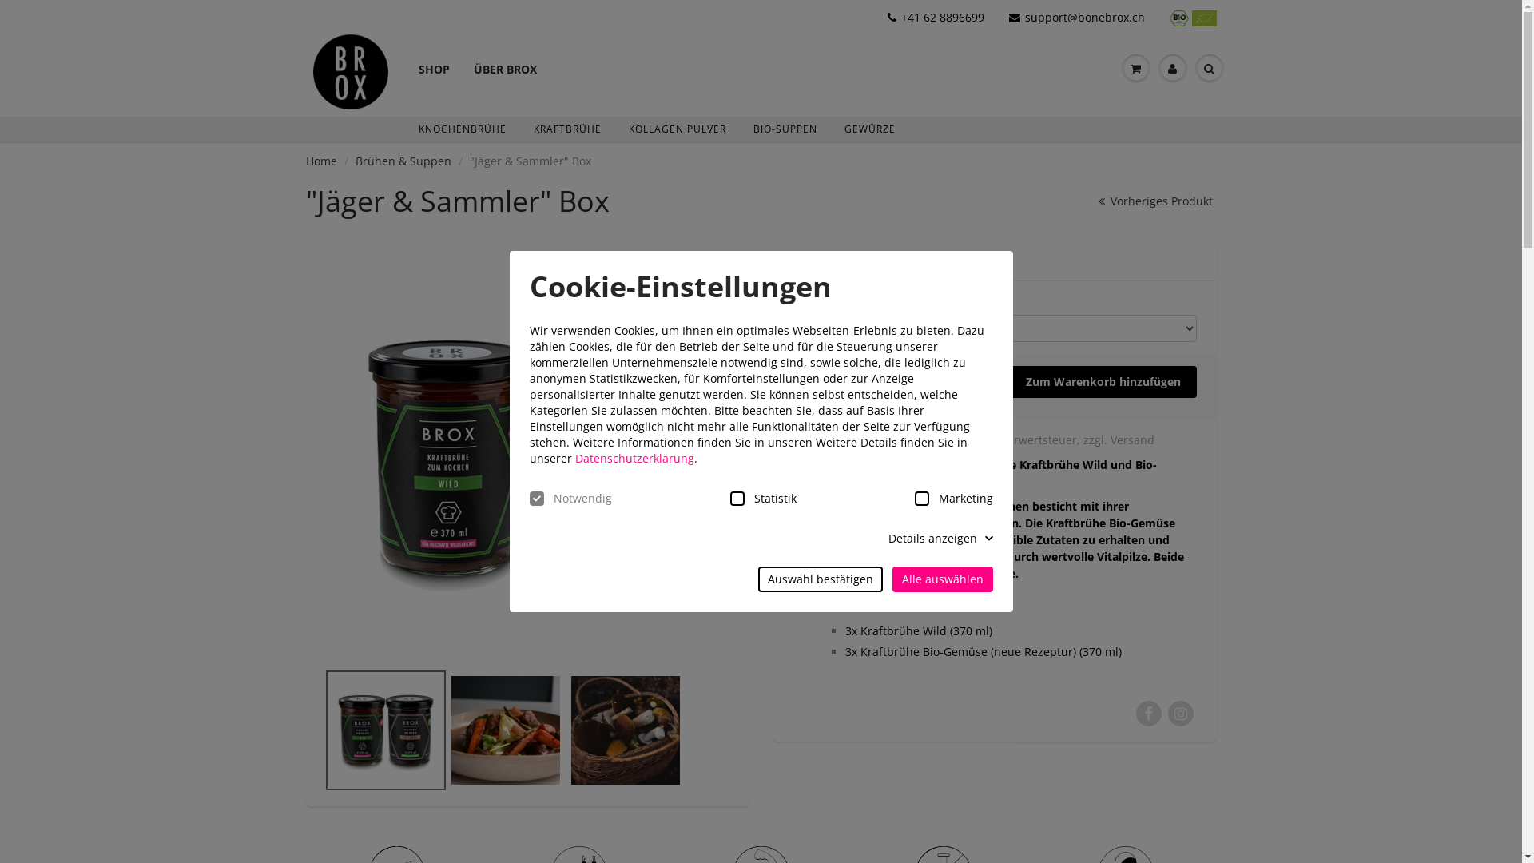 The image size is (1534, 863). I want to click on 'SHOP', so click(433, 54).